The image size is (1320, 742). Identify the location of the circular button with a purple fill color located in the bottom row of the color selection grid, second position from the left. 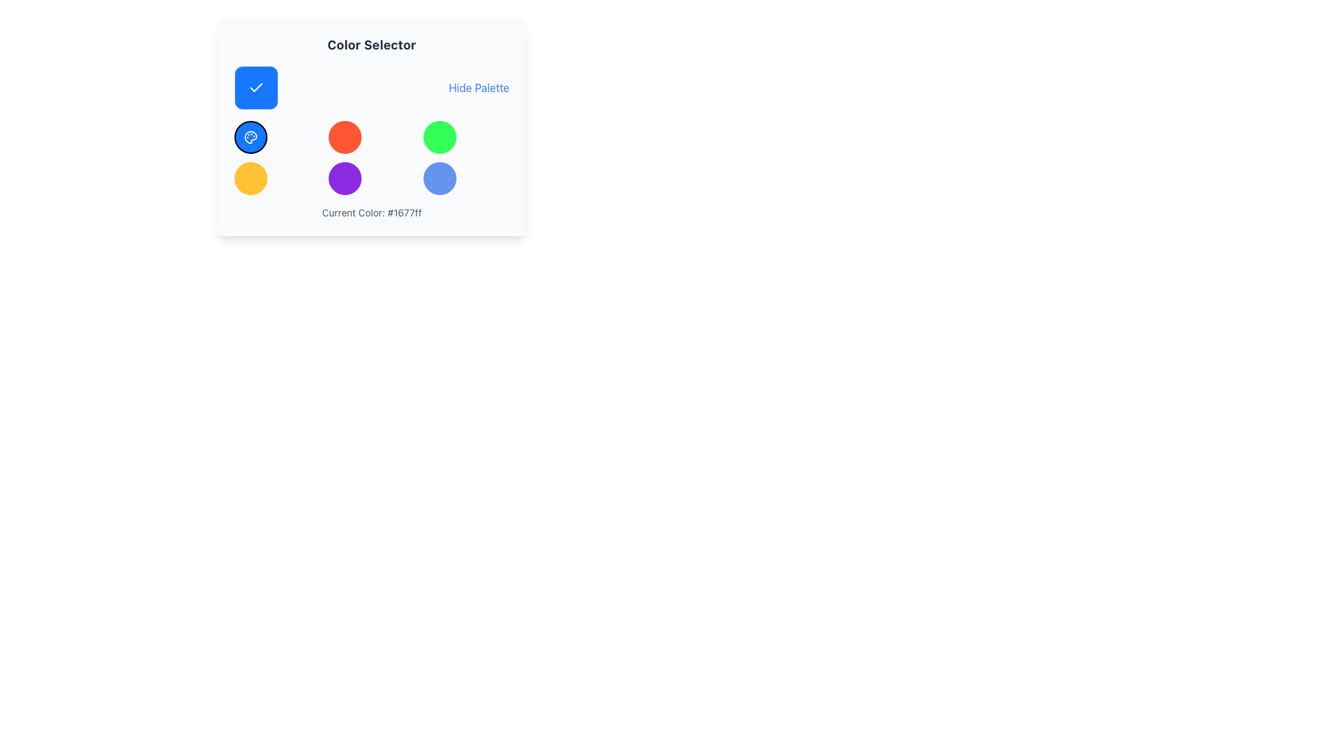
(345, 177).